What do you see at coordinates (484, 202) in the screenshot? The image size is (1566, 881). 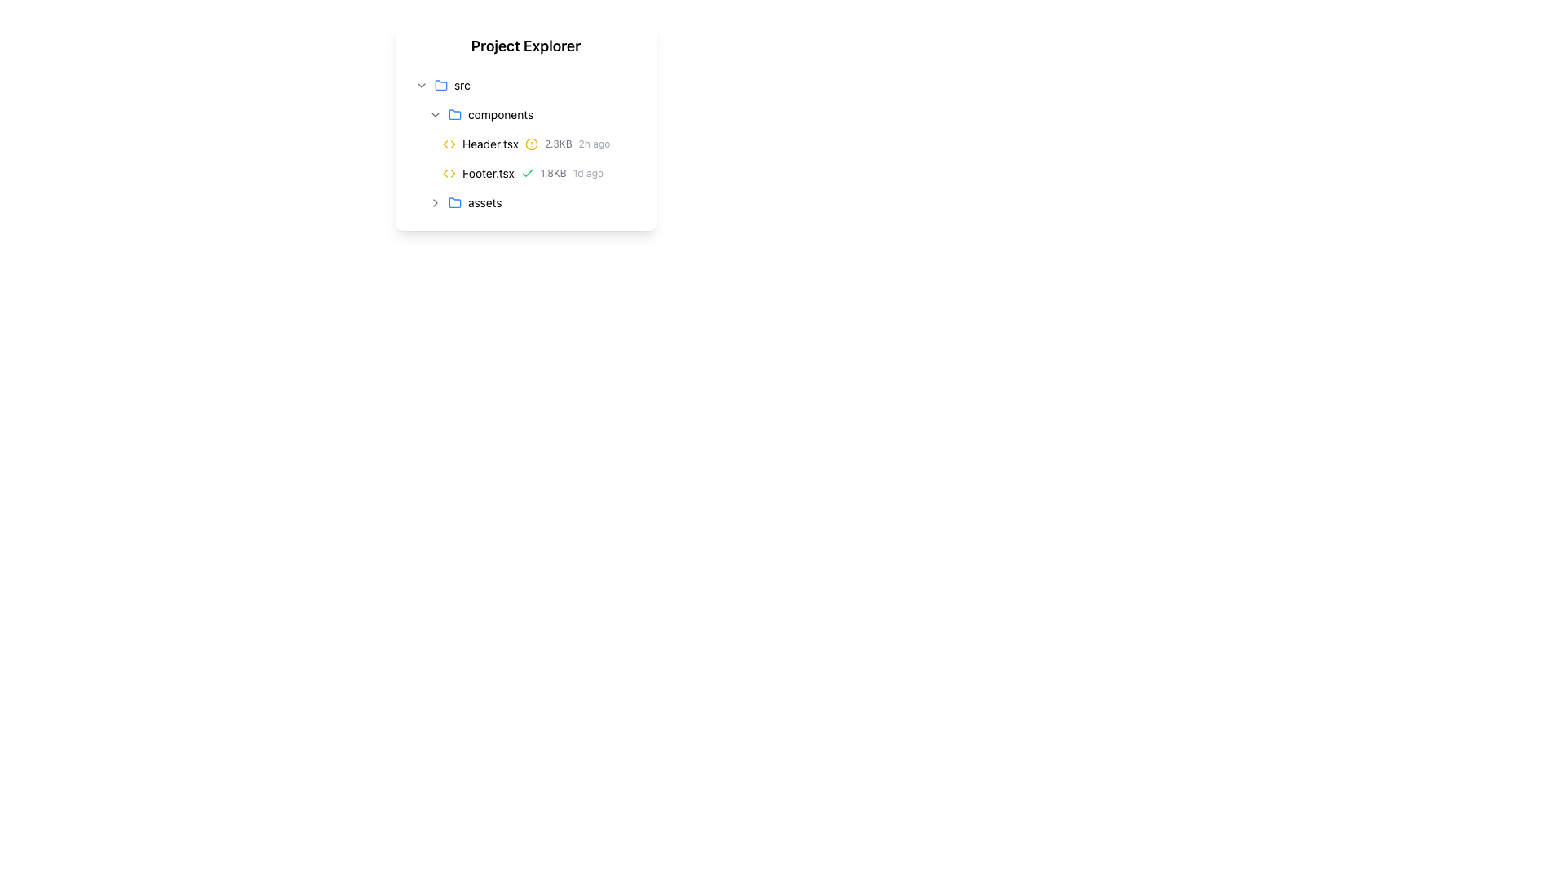 I see `the text label displaying 'assets' to possibly reveal additional information or trigger a visual effect` at bounding box center [484, 202].